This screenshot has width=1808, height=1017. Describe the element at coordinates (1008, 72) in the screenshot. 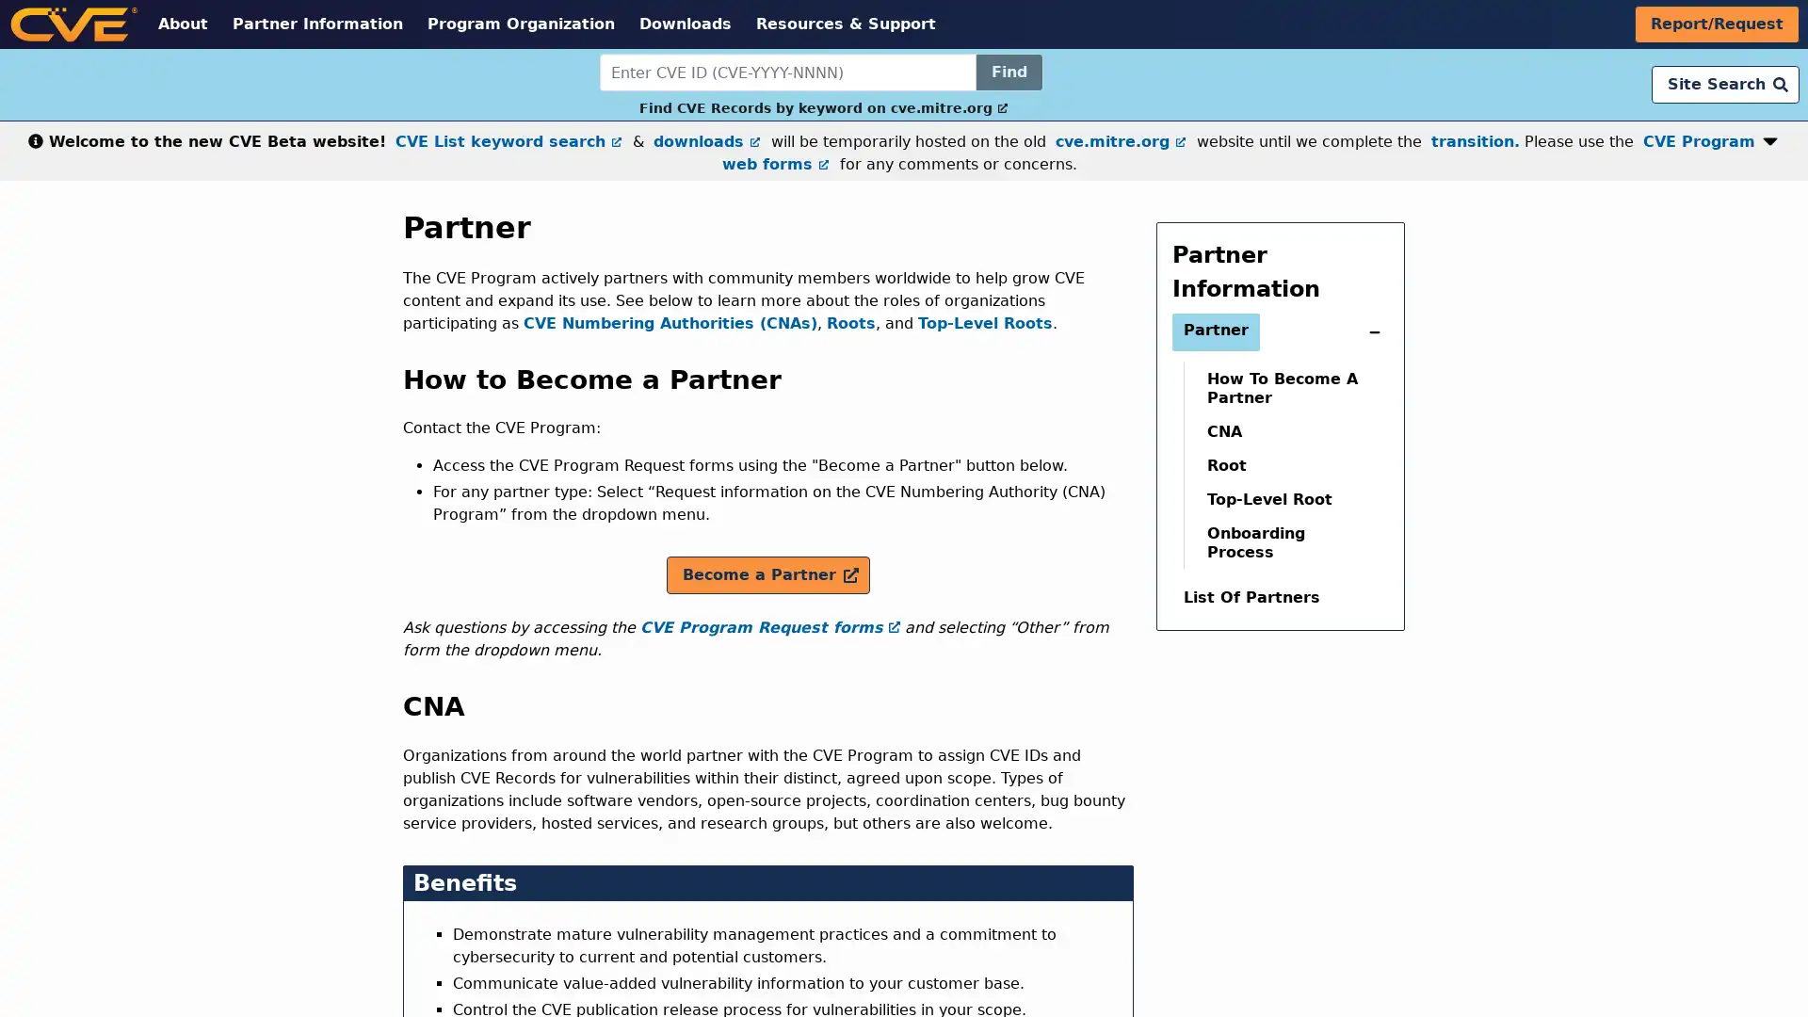

I see `Find` at that location.